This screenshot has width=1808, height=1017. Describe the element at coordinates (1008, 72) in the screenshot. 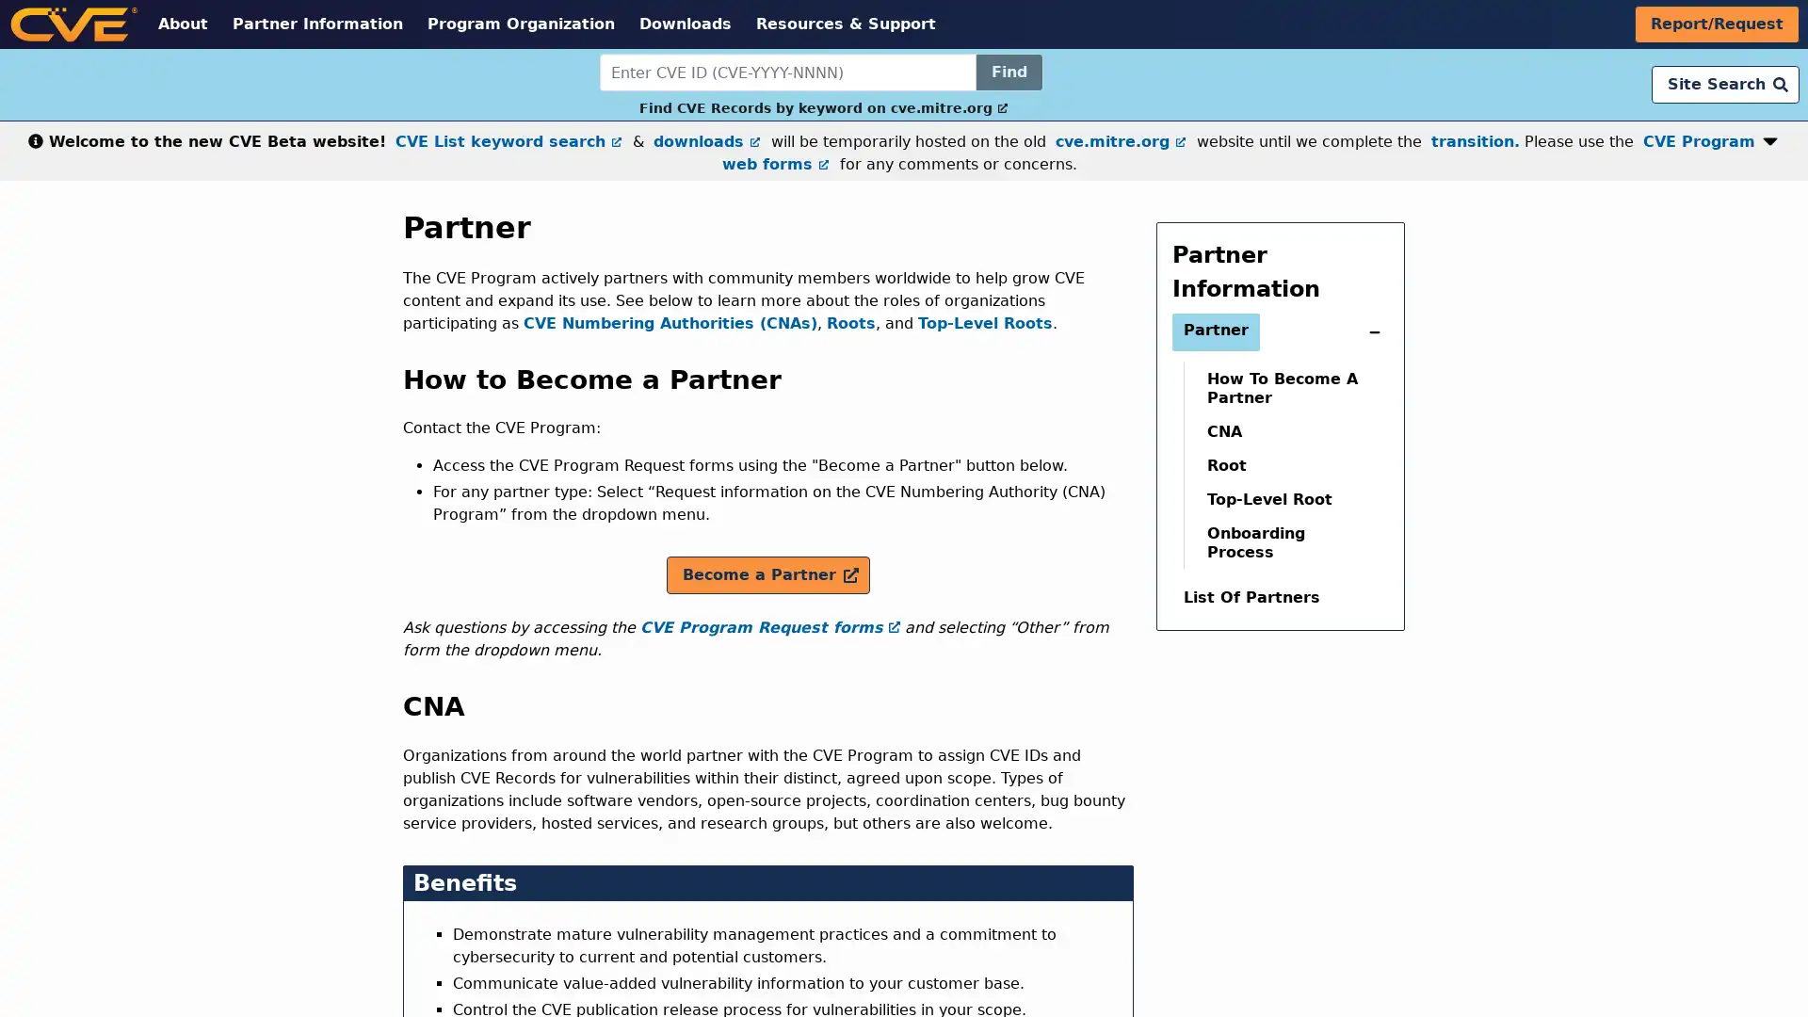

I see `Find` at that location.